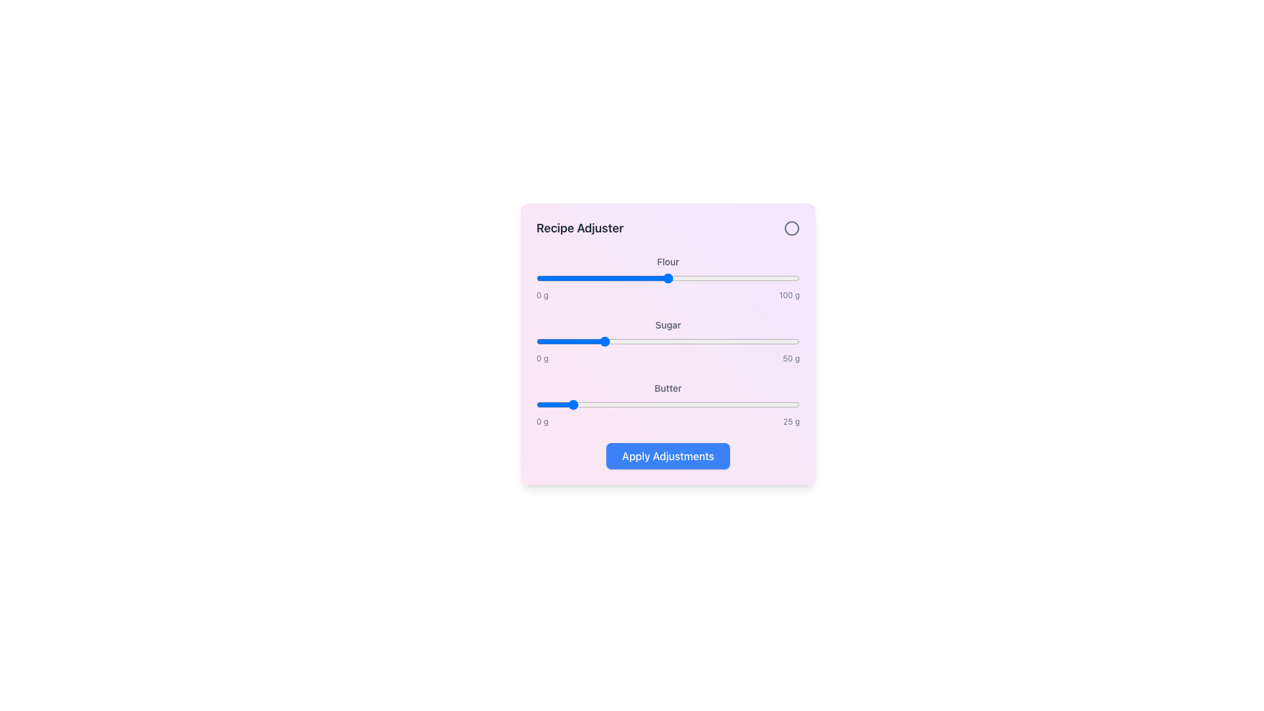  I want to click on Butter amount, so click(776, 404).